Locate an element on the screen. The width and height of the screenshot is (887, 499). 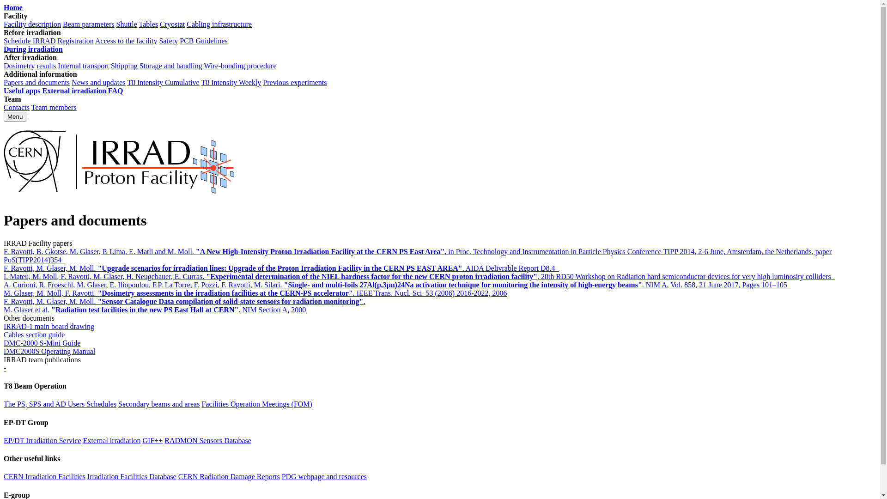
'Shuttle' is located at coordinates (126, 24).